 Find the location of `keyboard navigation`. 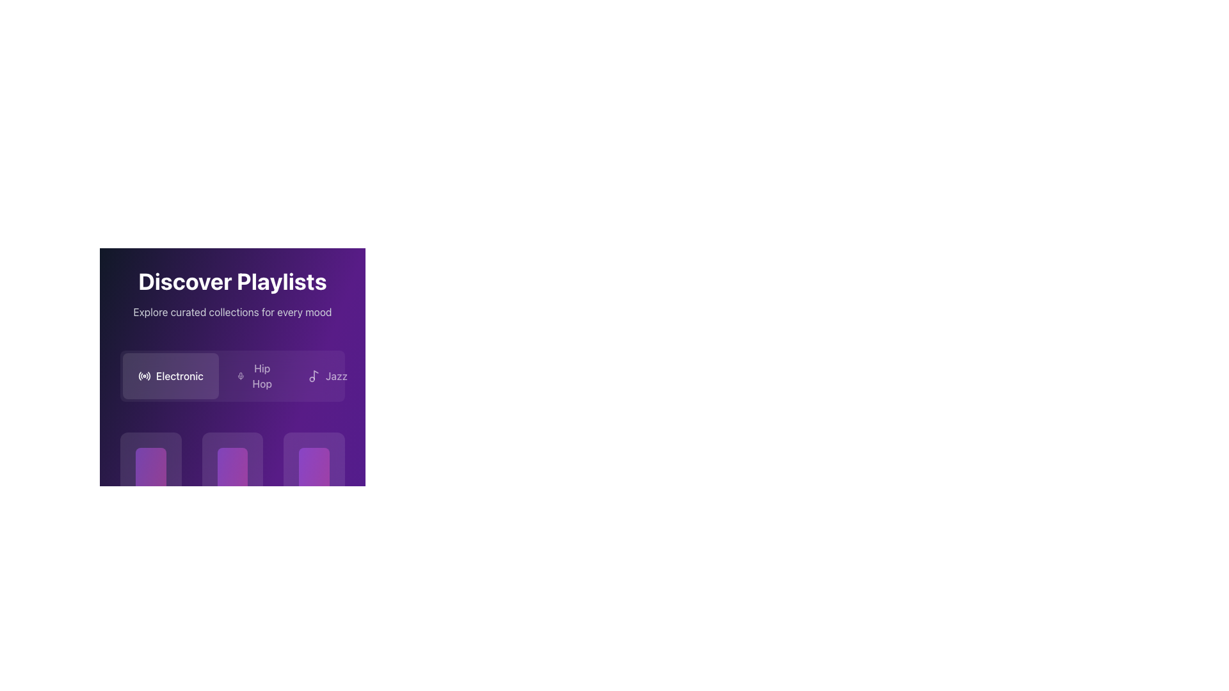

keyboard navigation is located at coordinates (232, 375).